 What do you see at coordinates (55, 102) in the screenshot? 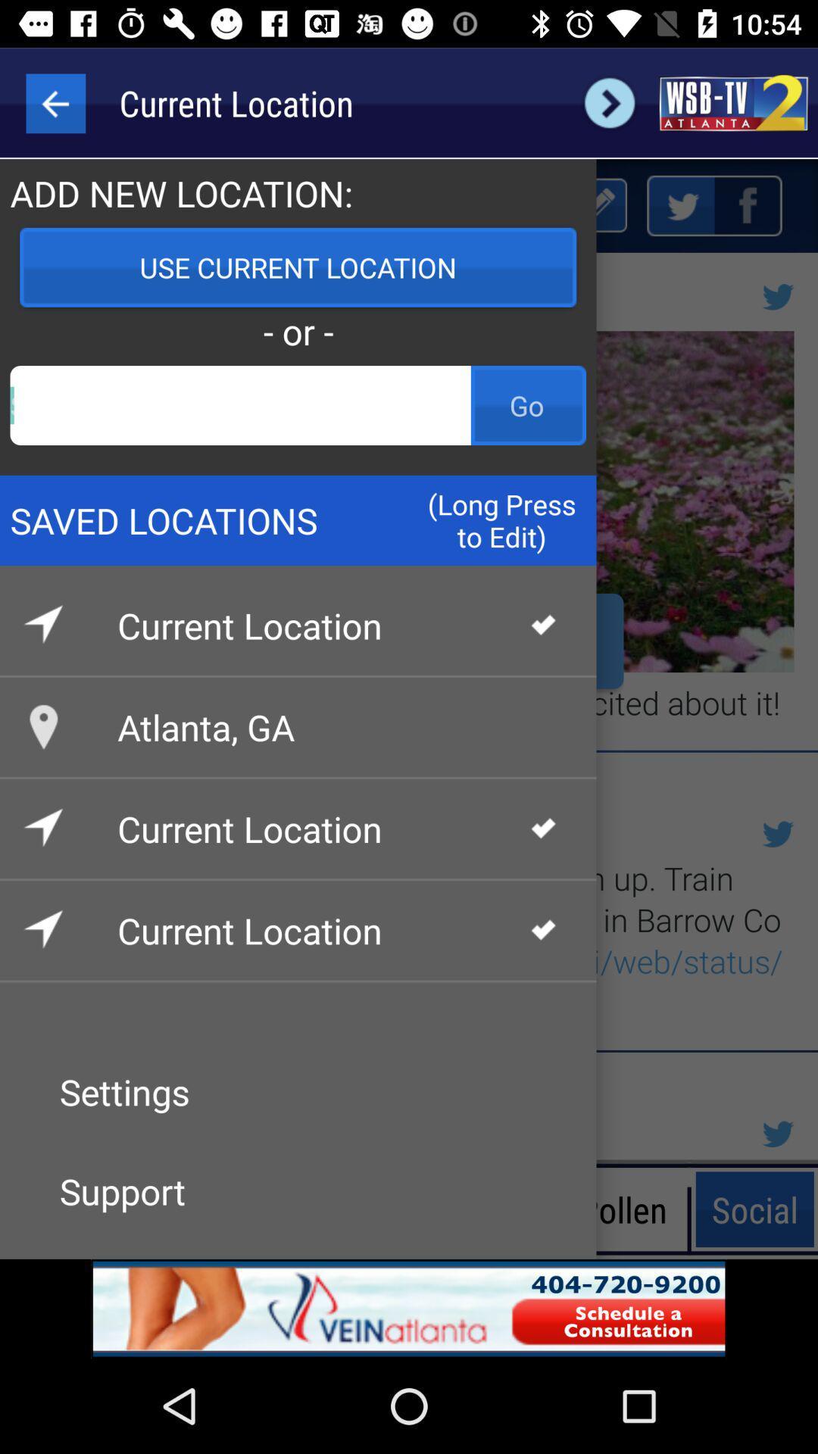
I see `the arrow_backward icon` at bounding box center [55, 102].